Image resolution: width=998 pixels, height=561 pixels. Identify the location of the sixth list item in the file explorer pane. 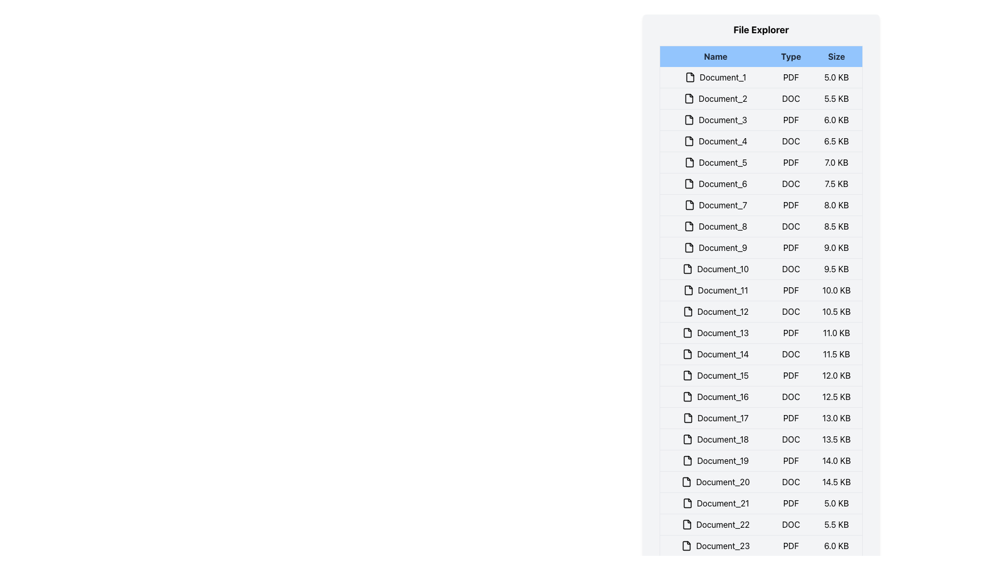
(761, 183).